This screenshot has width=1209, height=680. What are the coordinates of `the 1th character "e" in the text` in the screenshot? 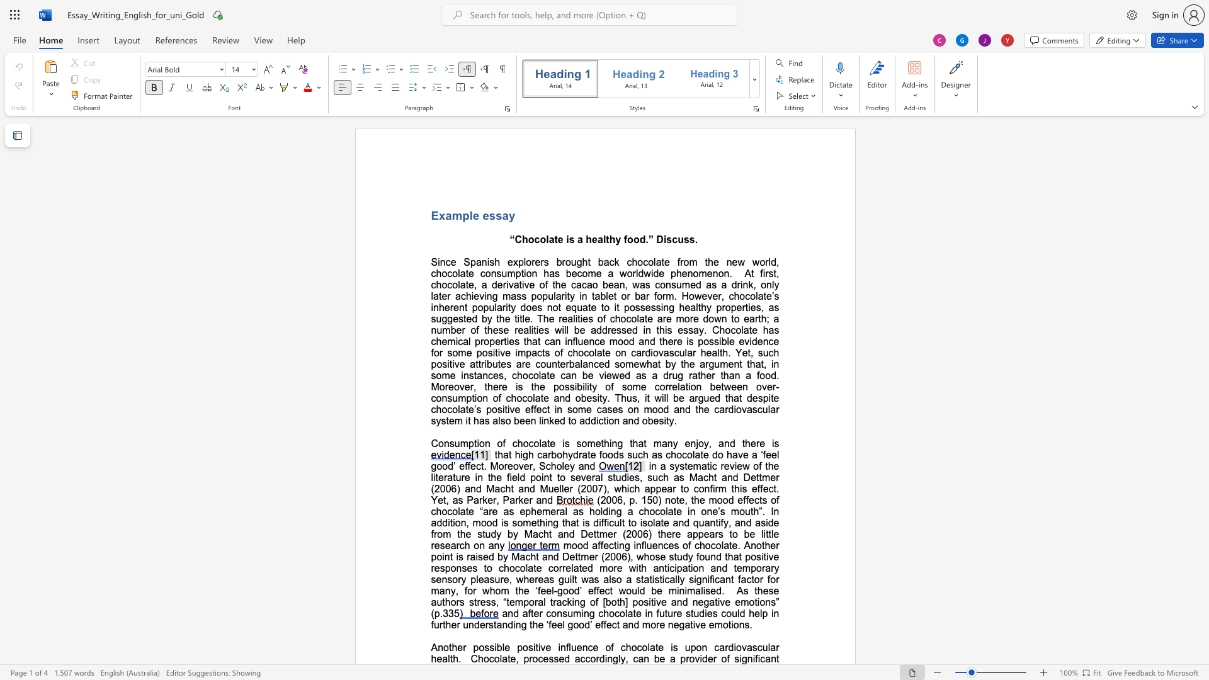 It's located at (560, 239).